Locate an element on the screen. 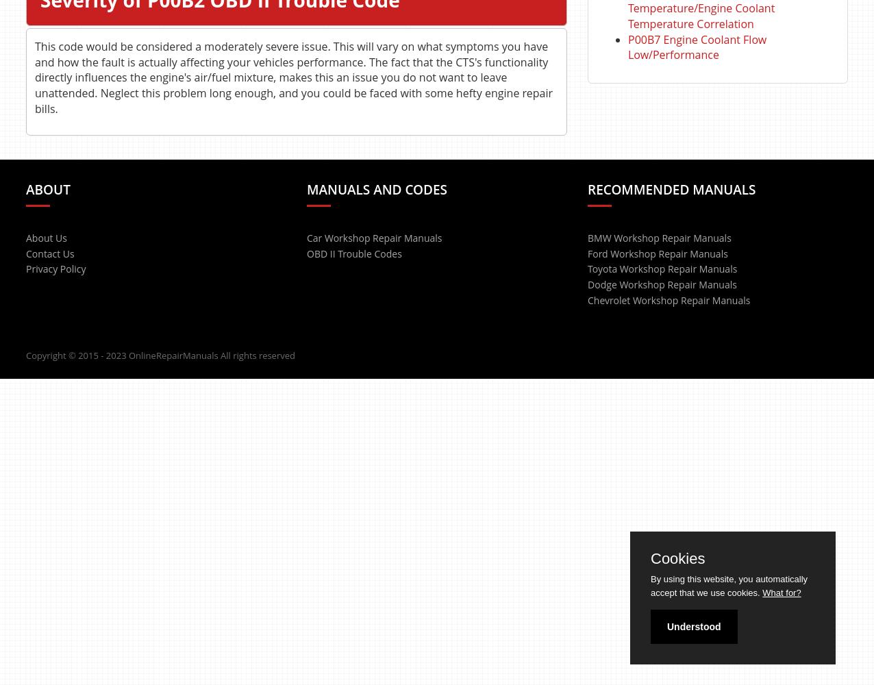 The image size is (874, 685). 'Car Workshop Repair Manuals' is located at coordinates (307, 236).